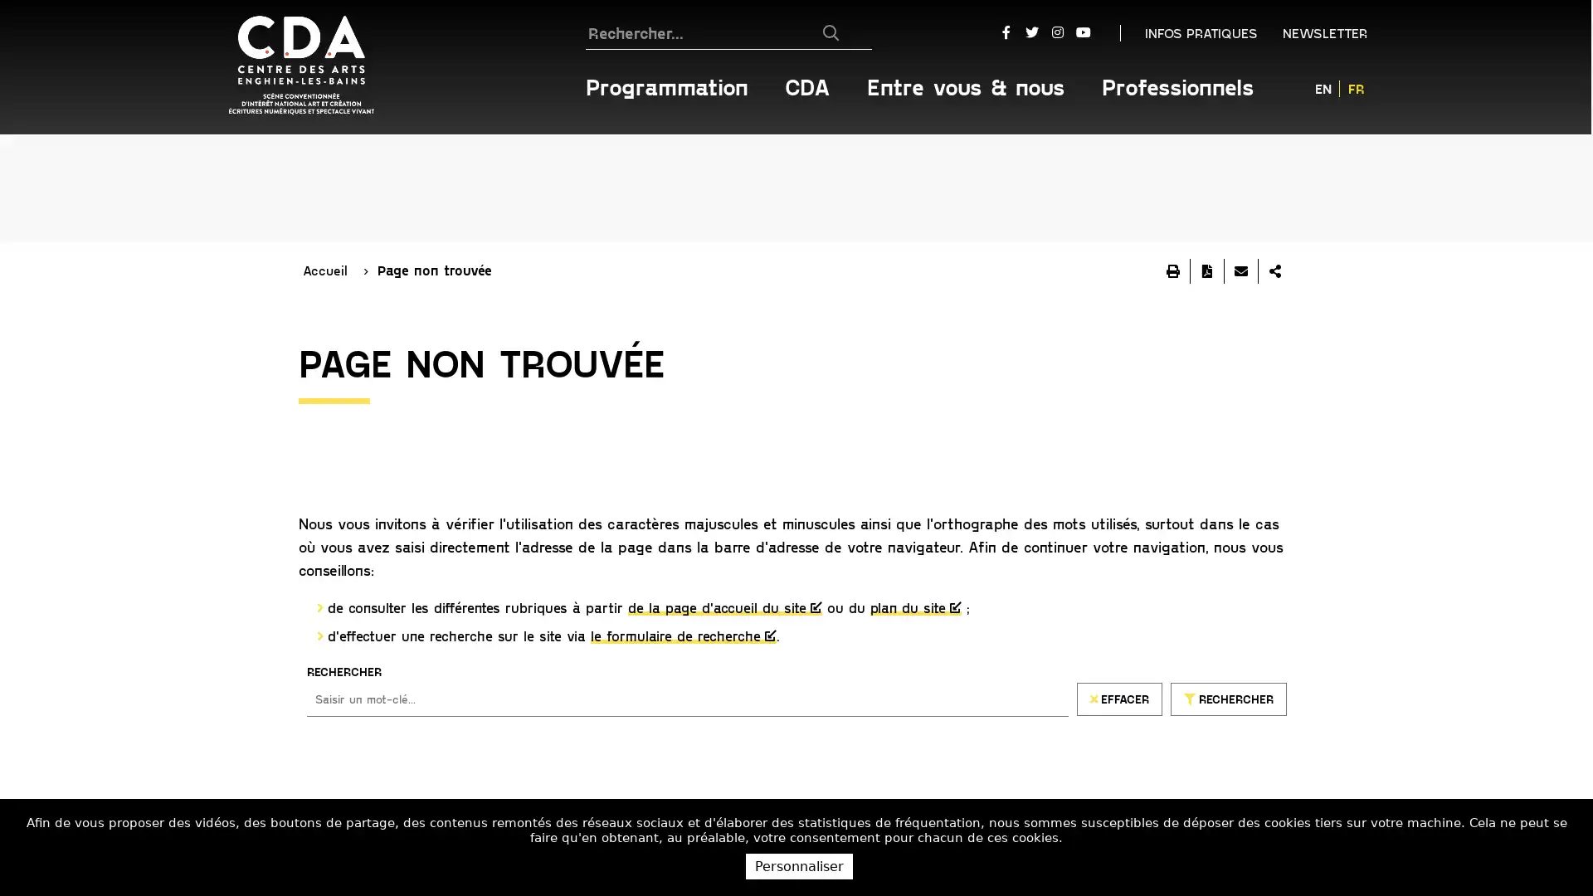 The height and width of the screenshot is (896, 1593). What do you see at coordinates (1274, 163) in the screenshot?
I see `Partager cette page` at bounding box center [1274, 163].